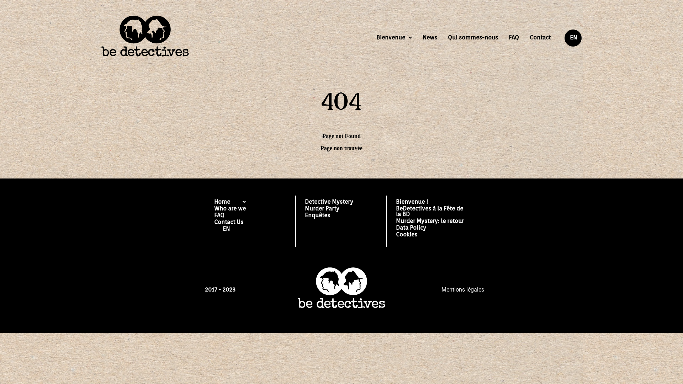  I want to click on 'FAQ', so click(514, 37).